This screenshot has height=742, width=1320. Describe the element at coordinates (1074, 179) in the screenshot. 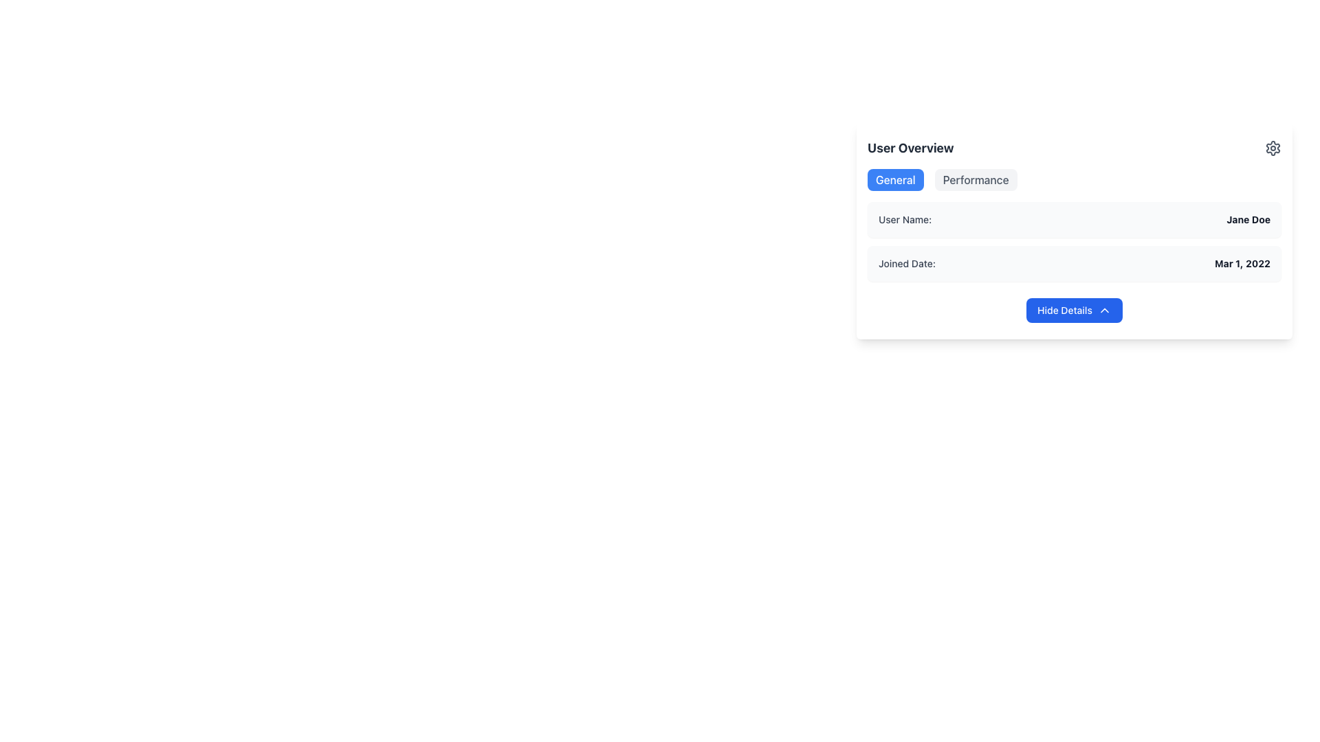

I see `the 'Performance' tab in the navigation bar located in the 'User Overview' section` at that location.